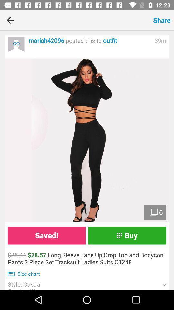 The height and width of the screenshot is (310, 174). Describe the element at coordinates (46, 235) in the screenshot. I see `the item above 35 44 28 icon` at that location.